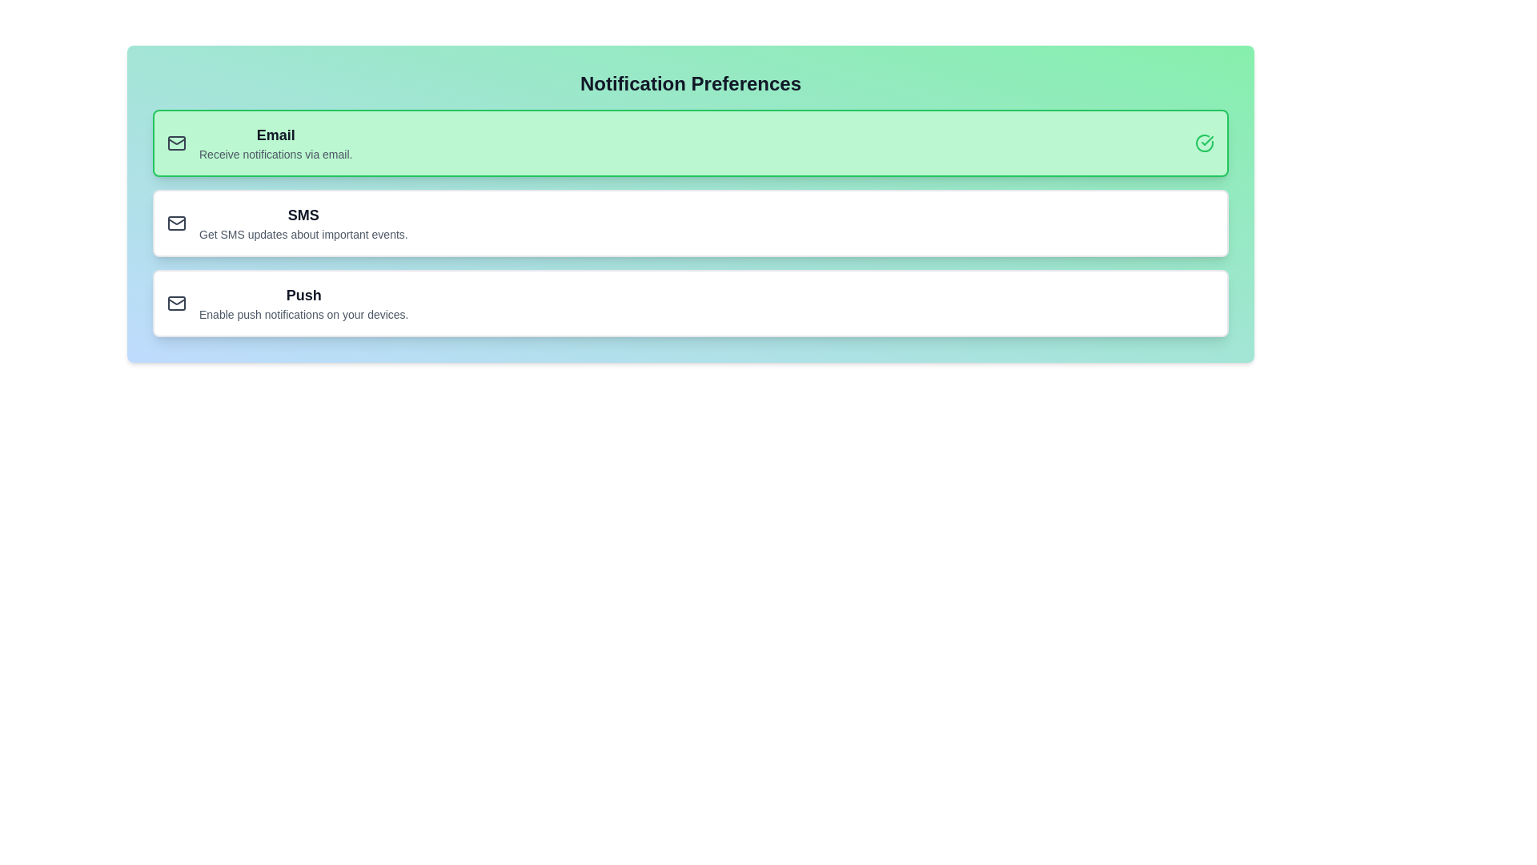 This screenshot has height=865, width=1537. What do you see at coordinates (275, 154) in the screenshot?
I see `text from the small gray text label that says 'Receive notifications via email.', located below the bold 'Email' title within the green section for email notification preferences` at bounding box center [275, 154].